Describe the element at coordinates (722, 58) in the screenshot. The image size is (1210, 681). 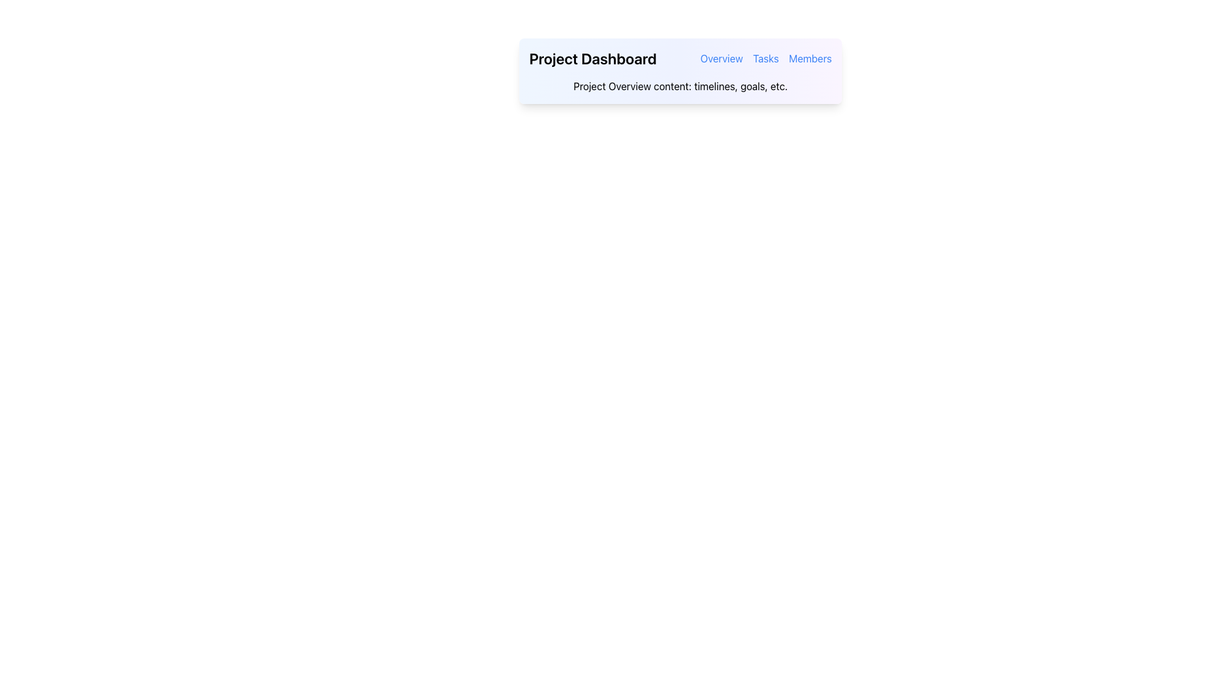
I see `the blue-colored text link 'Overview'` at that location.